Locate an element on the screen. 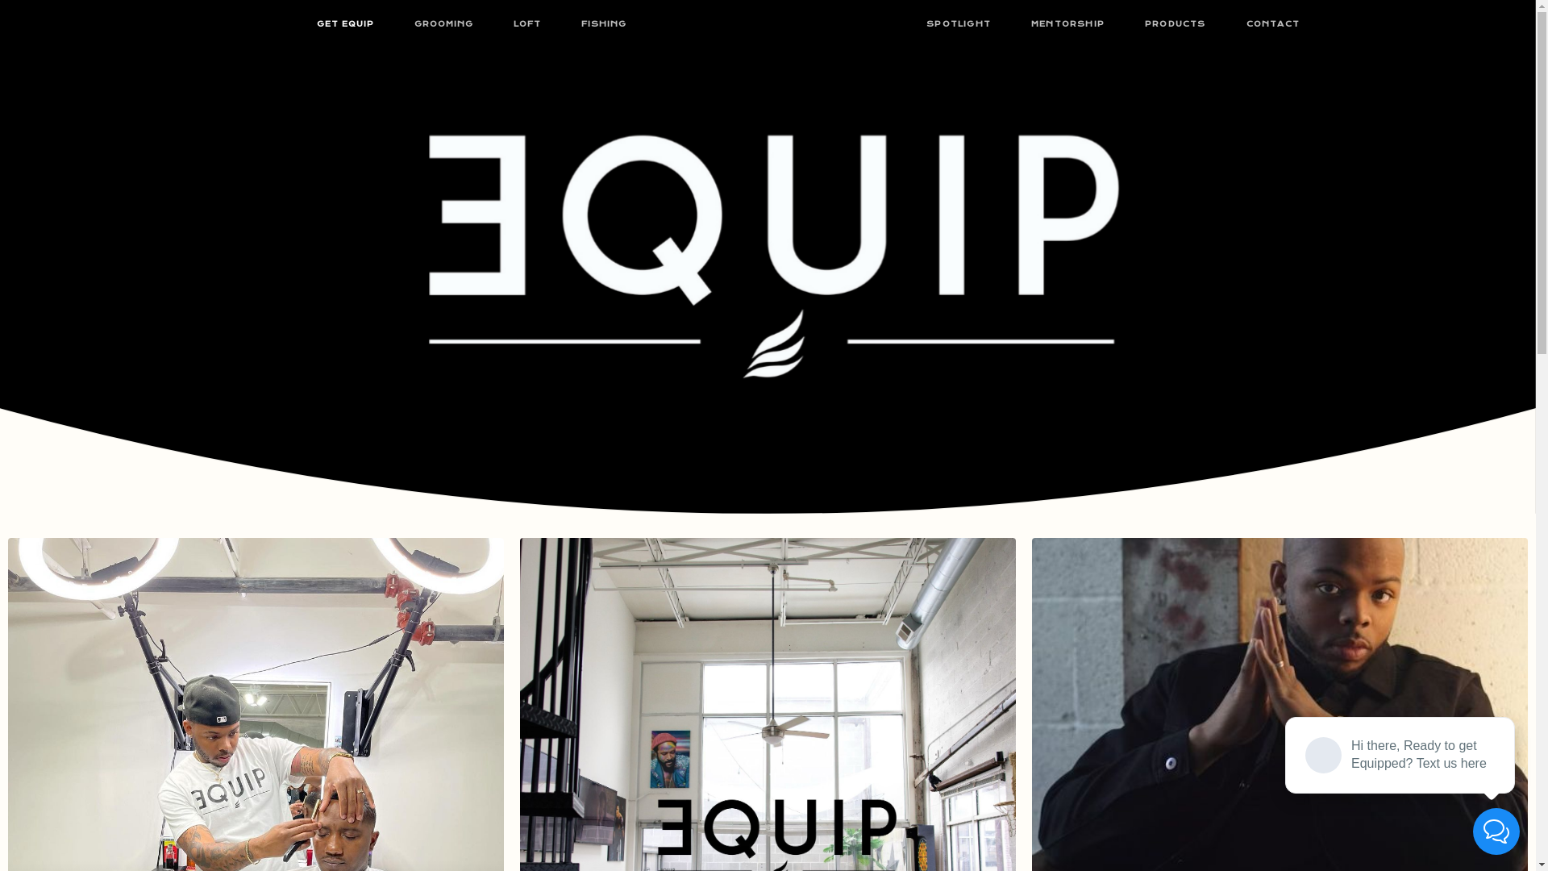 The width and height of the screenshot is (1548, 871). 'FISHING' is located at coordinates (602, 24).